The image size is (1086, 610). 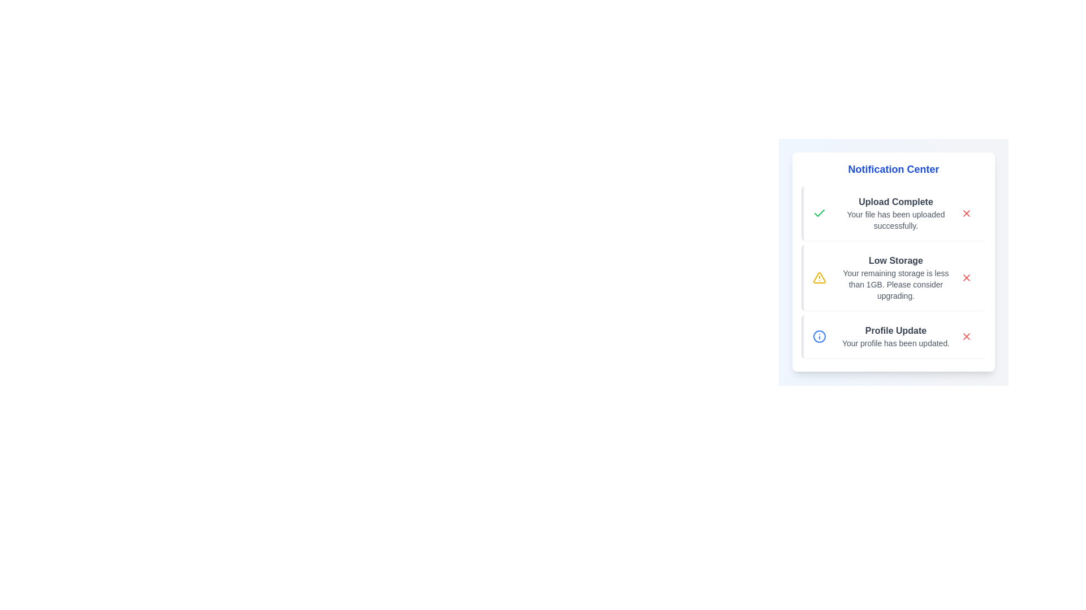 What do you see at coordinates (966, 336) in the screenshot?
I see `the close icon located` at bounding box center [966, 336].